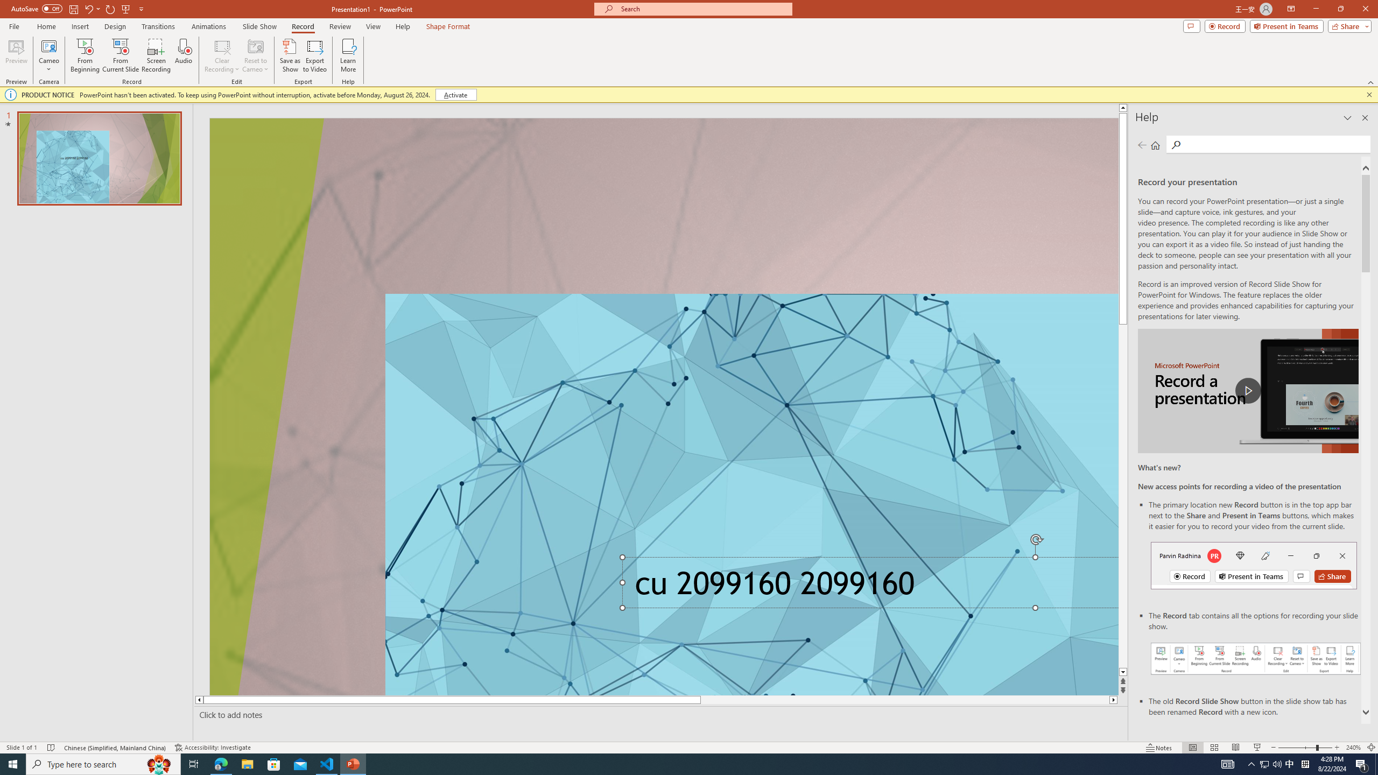 The width and height of the screenshot is (1378, 775). Describe the element at coordinates (1192, 748) in the screenshot. I see `'Normal'` at that location.